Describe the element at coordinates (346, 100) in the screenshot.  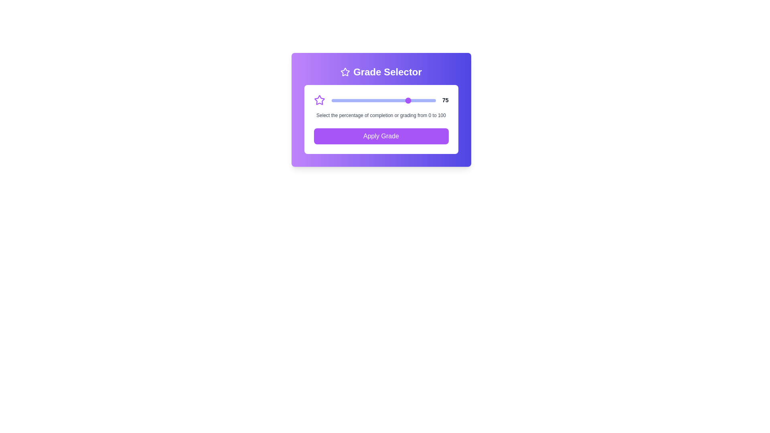
I see `the grade percentage` at that location.